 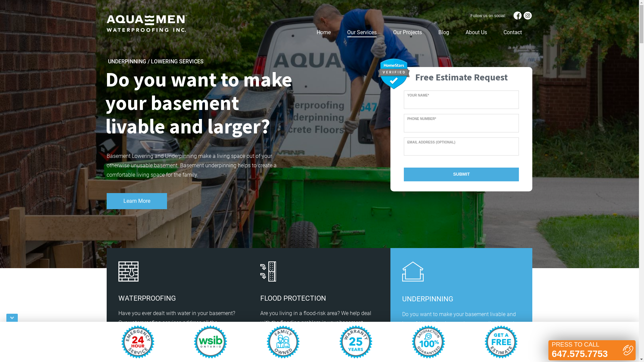 What do you see at coordinates (407, 32) in the screenshot?
I see `'Our Projects'` at bounding box center [407, 32].